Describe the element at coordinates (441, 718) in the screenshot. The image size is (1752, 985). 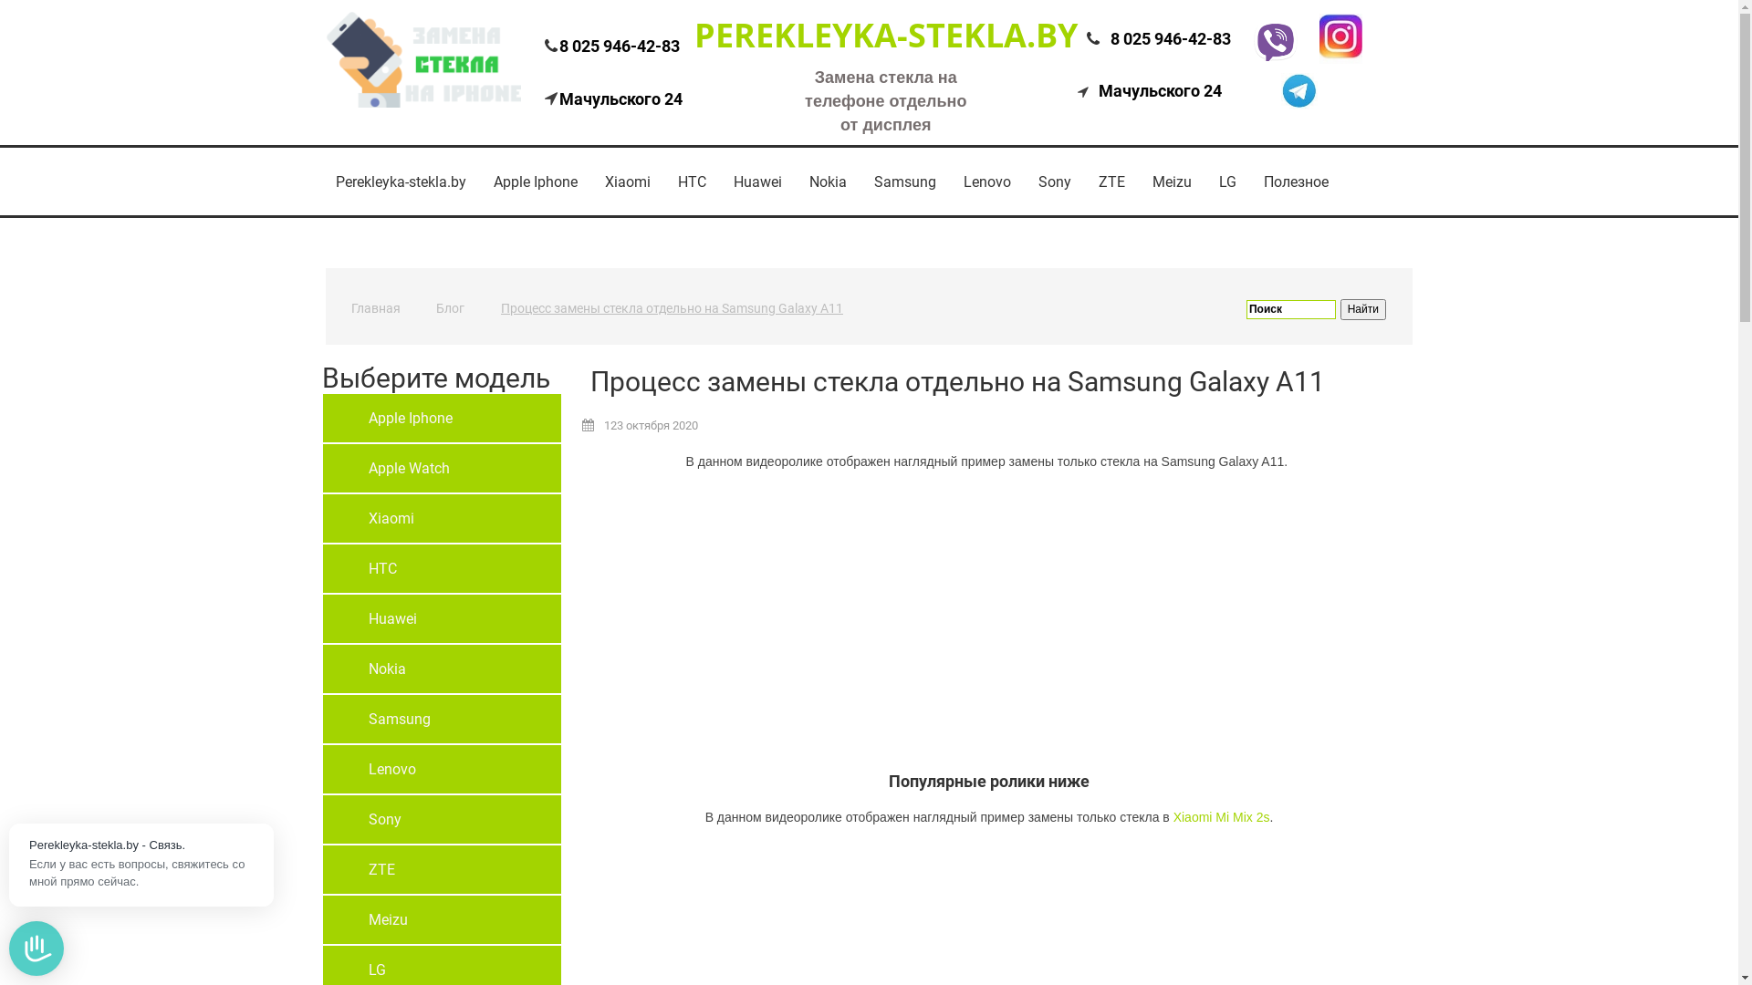
I see `'Samsung'` at that location.